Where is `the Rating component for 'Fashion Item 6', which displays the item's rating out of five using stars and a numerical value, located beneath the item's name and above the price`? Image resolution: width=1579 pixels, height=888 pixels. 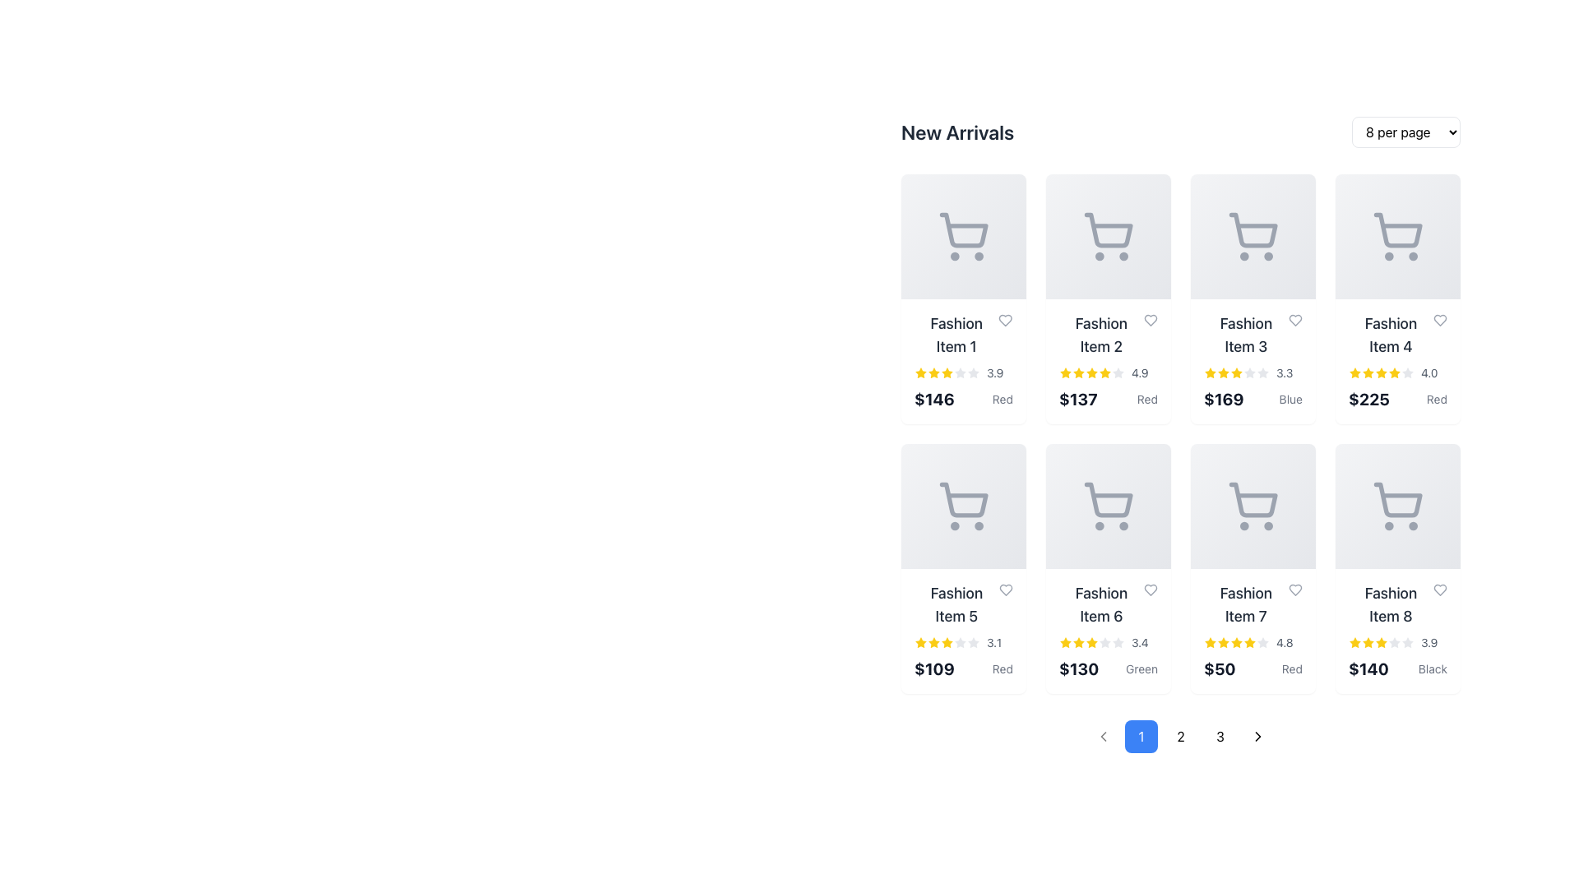
the Rating component for 'Fashion Item 6', which displays the item's rating out of five using stars and a numerical value, located beneath the item's name and above the price is located at coordinates (1109, 642).